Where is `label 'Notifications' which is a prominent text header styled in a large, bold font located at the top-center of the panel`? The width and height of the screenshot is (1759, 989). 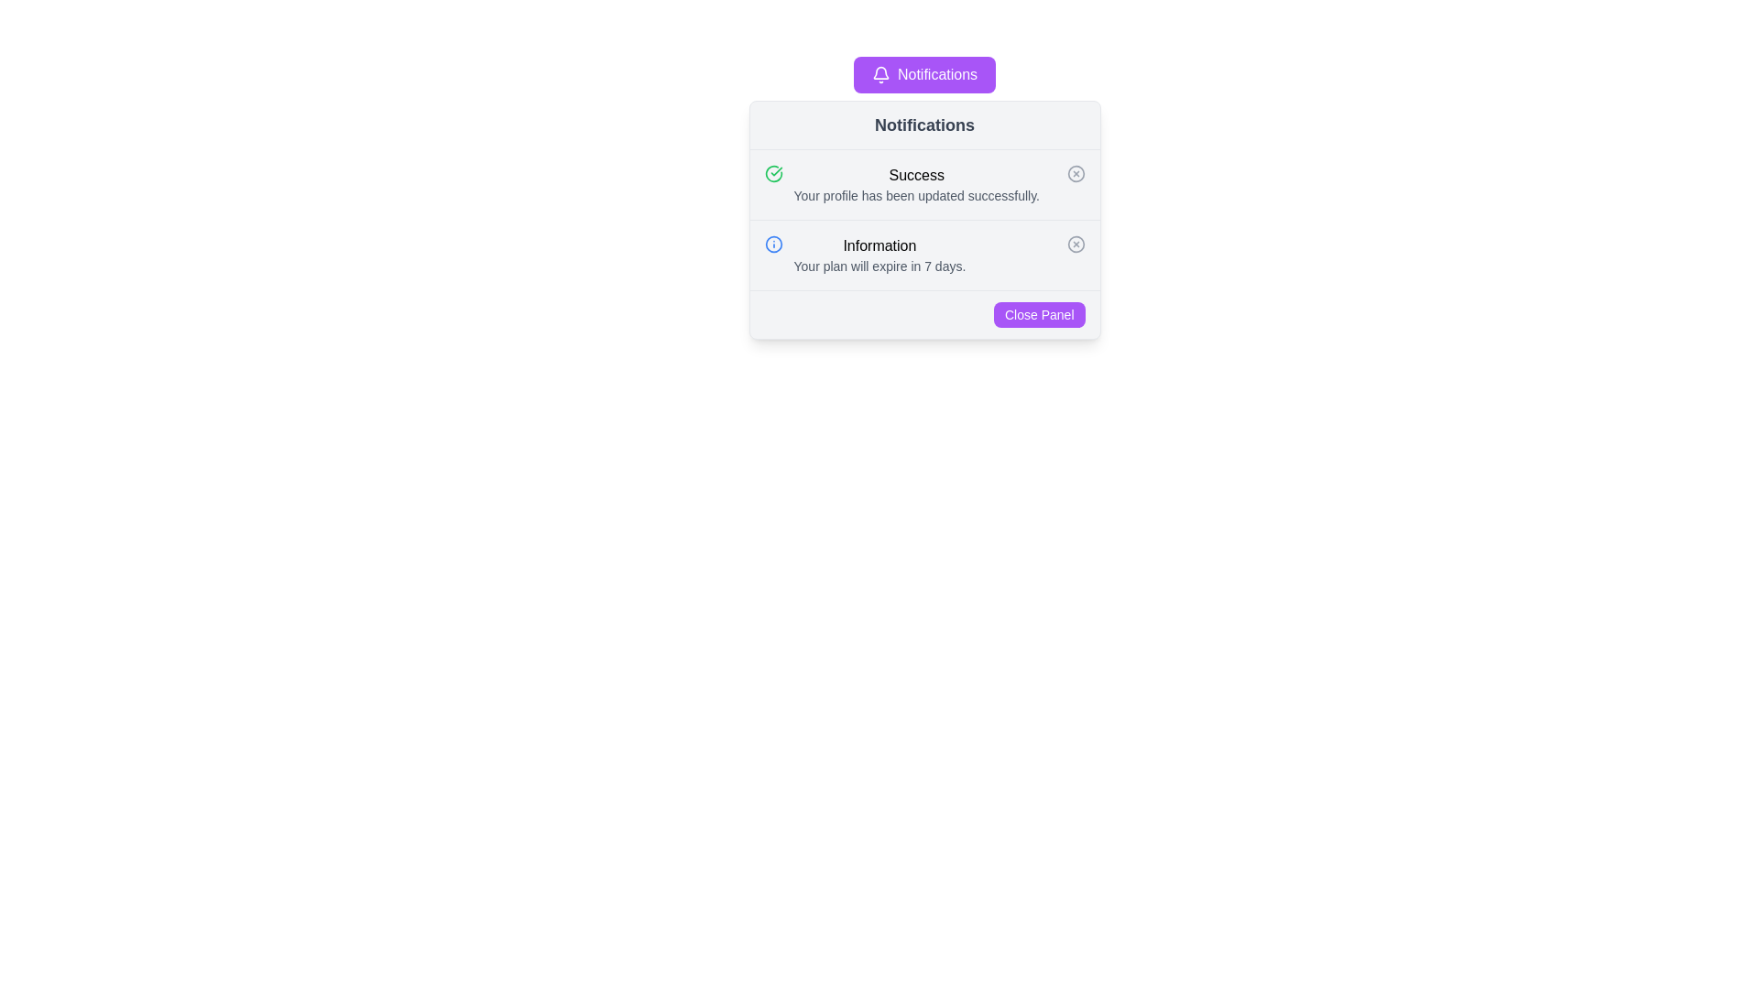 label 'Notifications' which is a prominent text header styled in a large, bold font located at the top-center of the panel is located at coordinates (924, 125).